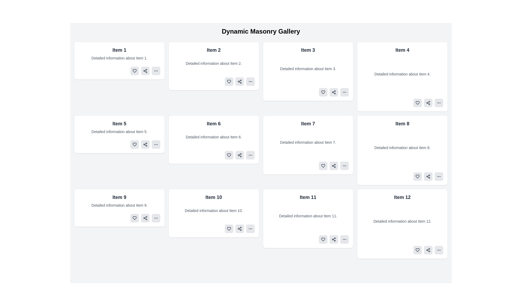 The height and width of the screenshot is (288, 512). Describe the element at coordinates (239, 81) in the screenshot. I see `the middle button in the group of action buttons located at the bottom-right section of the card labeled 'Item 2'` at that location.